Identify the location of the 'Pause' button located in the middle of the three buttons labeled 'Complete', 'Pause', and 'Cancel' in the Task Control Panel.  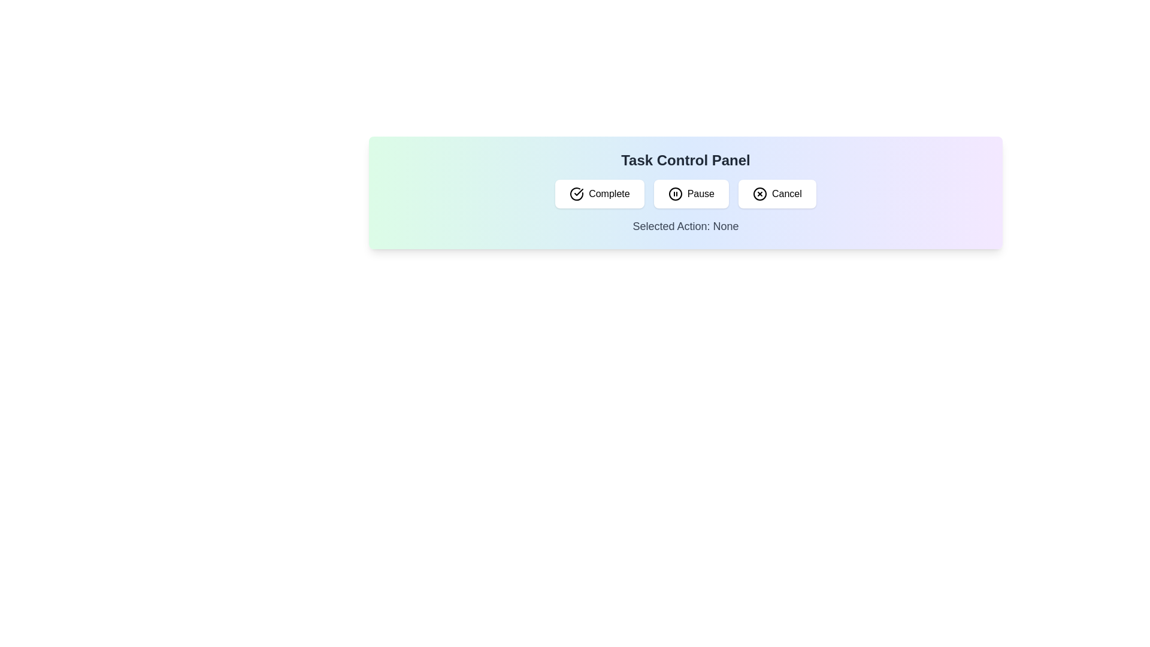
(691, 194).